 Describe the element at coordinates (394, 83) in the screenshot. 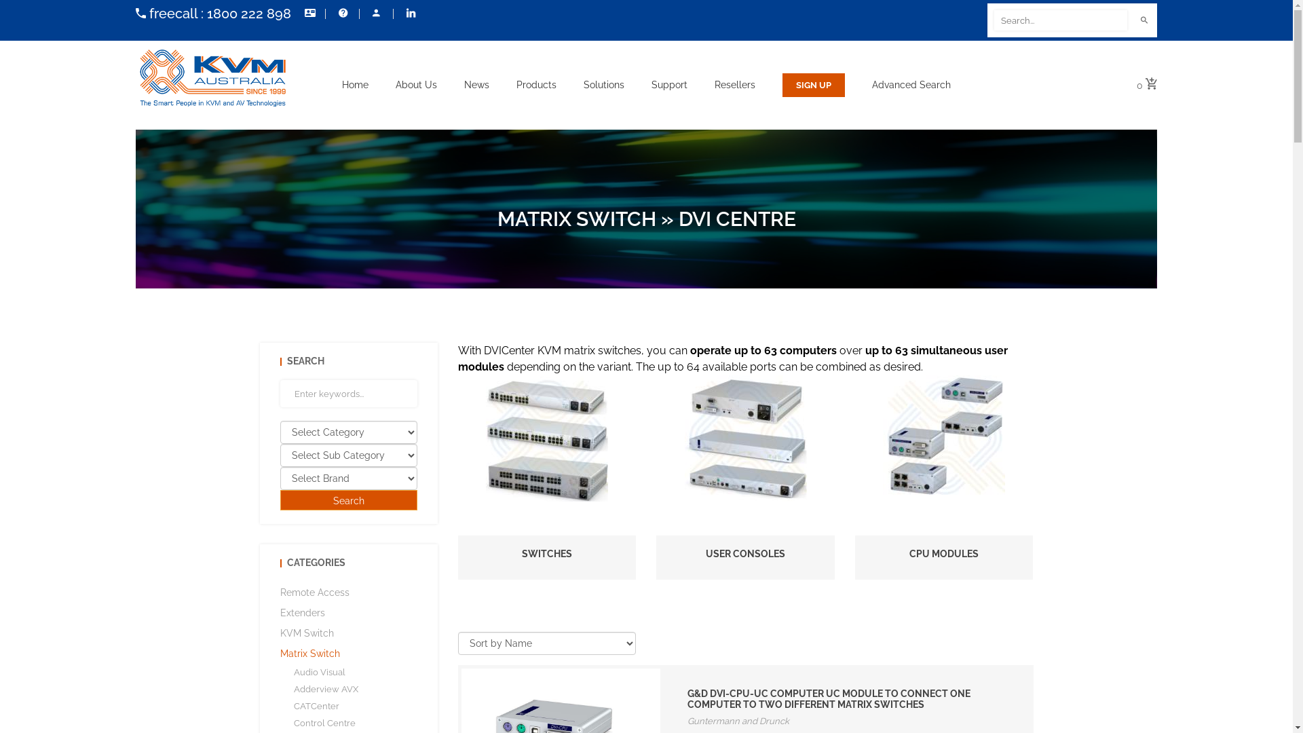

I see `'About Us'` at that location.